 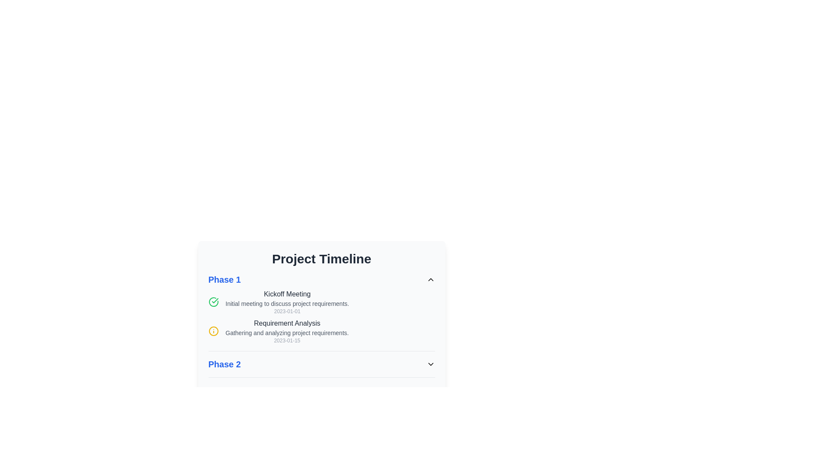 I want to click on the 'Phase 1' text label, which is a bold, vibrant blue header located at the top-left corner of the timeline content area, so click(x=224, y=280).